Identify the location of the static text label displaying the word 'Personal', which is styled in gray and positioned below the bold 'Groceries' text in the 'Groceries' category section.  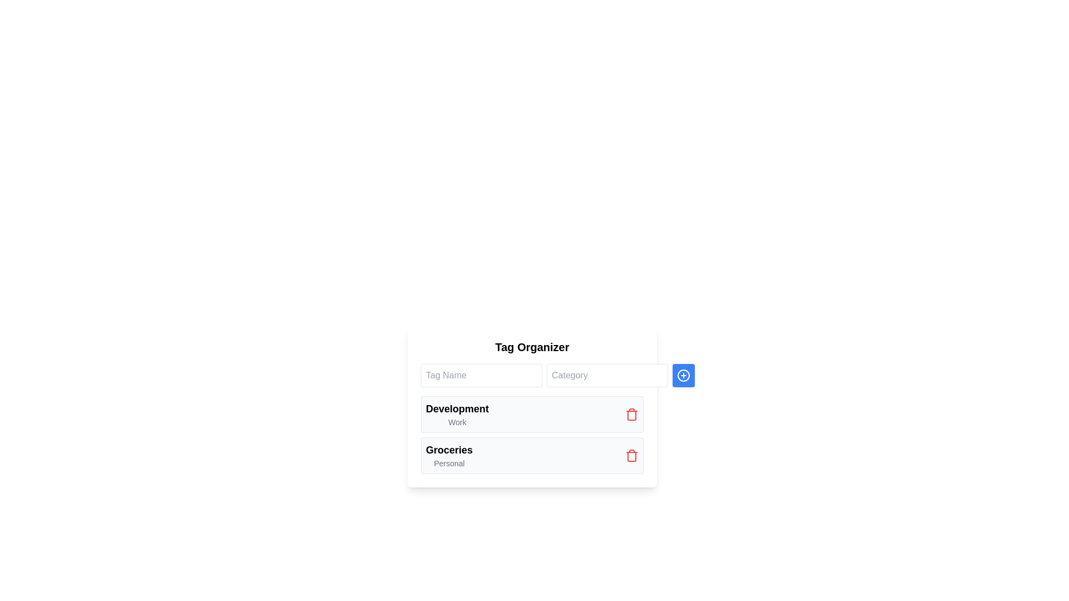
(449, 464).